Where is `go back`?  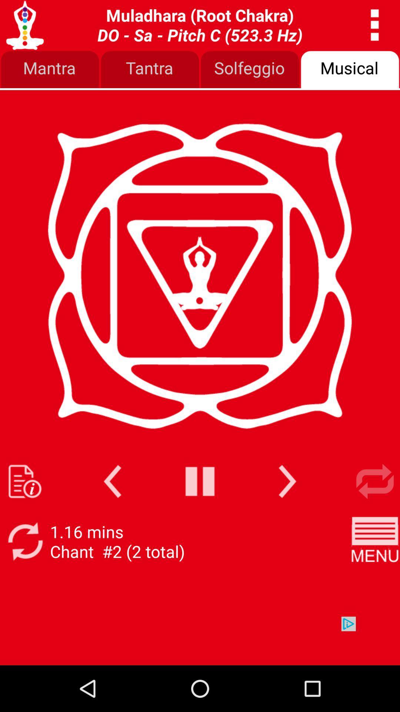
go back is located at coordinates (112, 481).